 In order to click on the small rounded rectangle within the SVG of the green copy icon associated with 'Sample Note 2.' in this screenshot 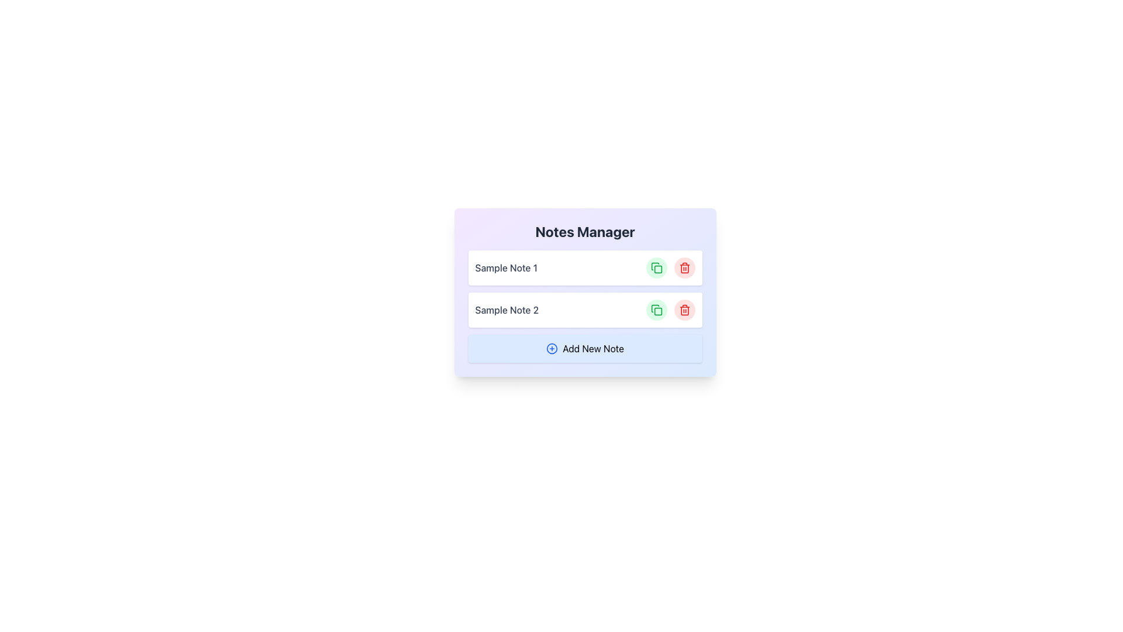, I will do `click(657, 269)`.